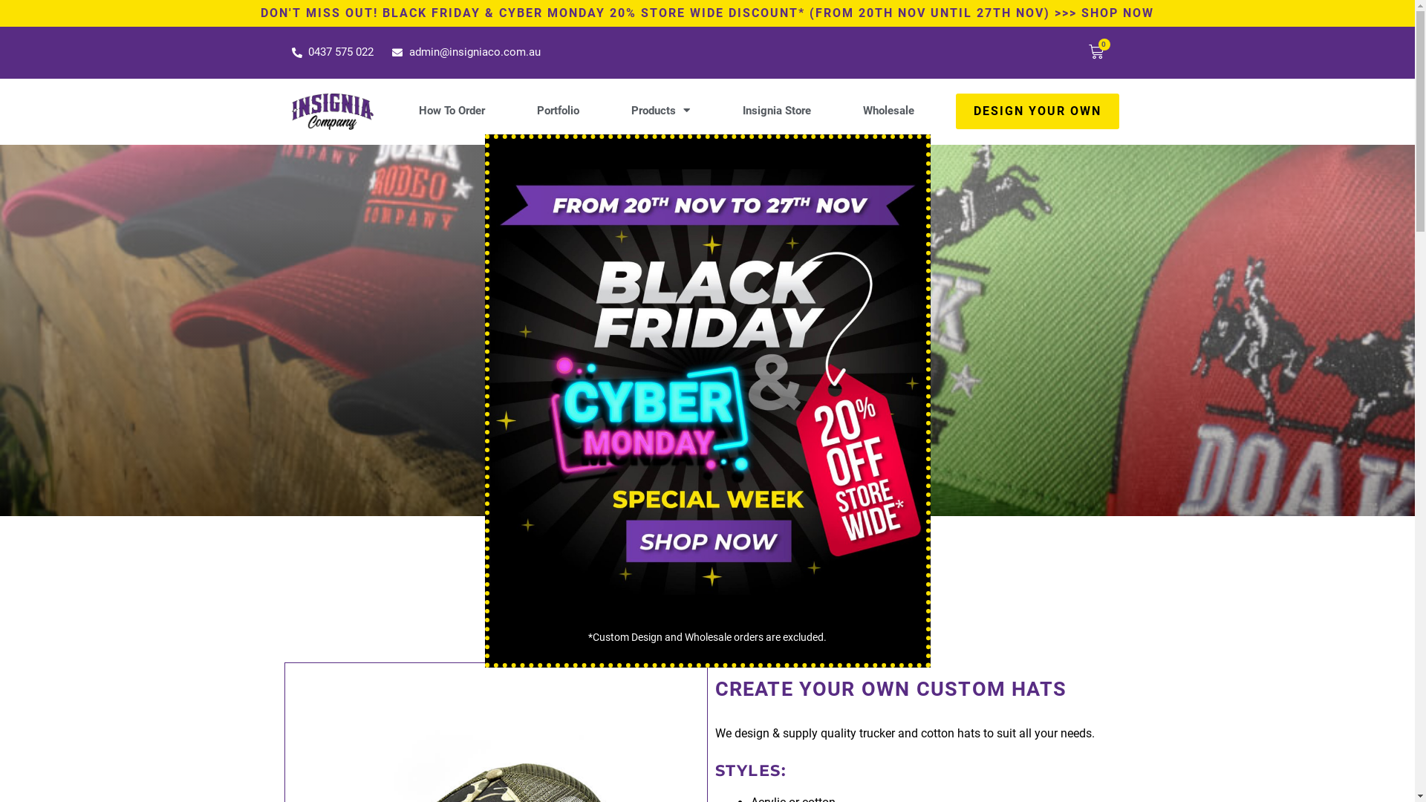 This screenshot has width=1426, height=802. What do you see at coordinates (466, 51) in the screenshot?
I see `'admin@insigniaco.com.au'` at bounding box center [466, 51].